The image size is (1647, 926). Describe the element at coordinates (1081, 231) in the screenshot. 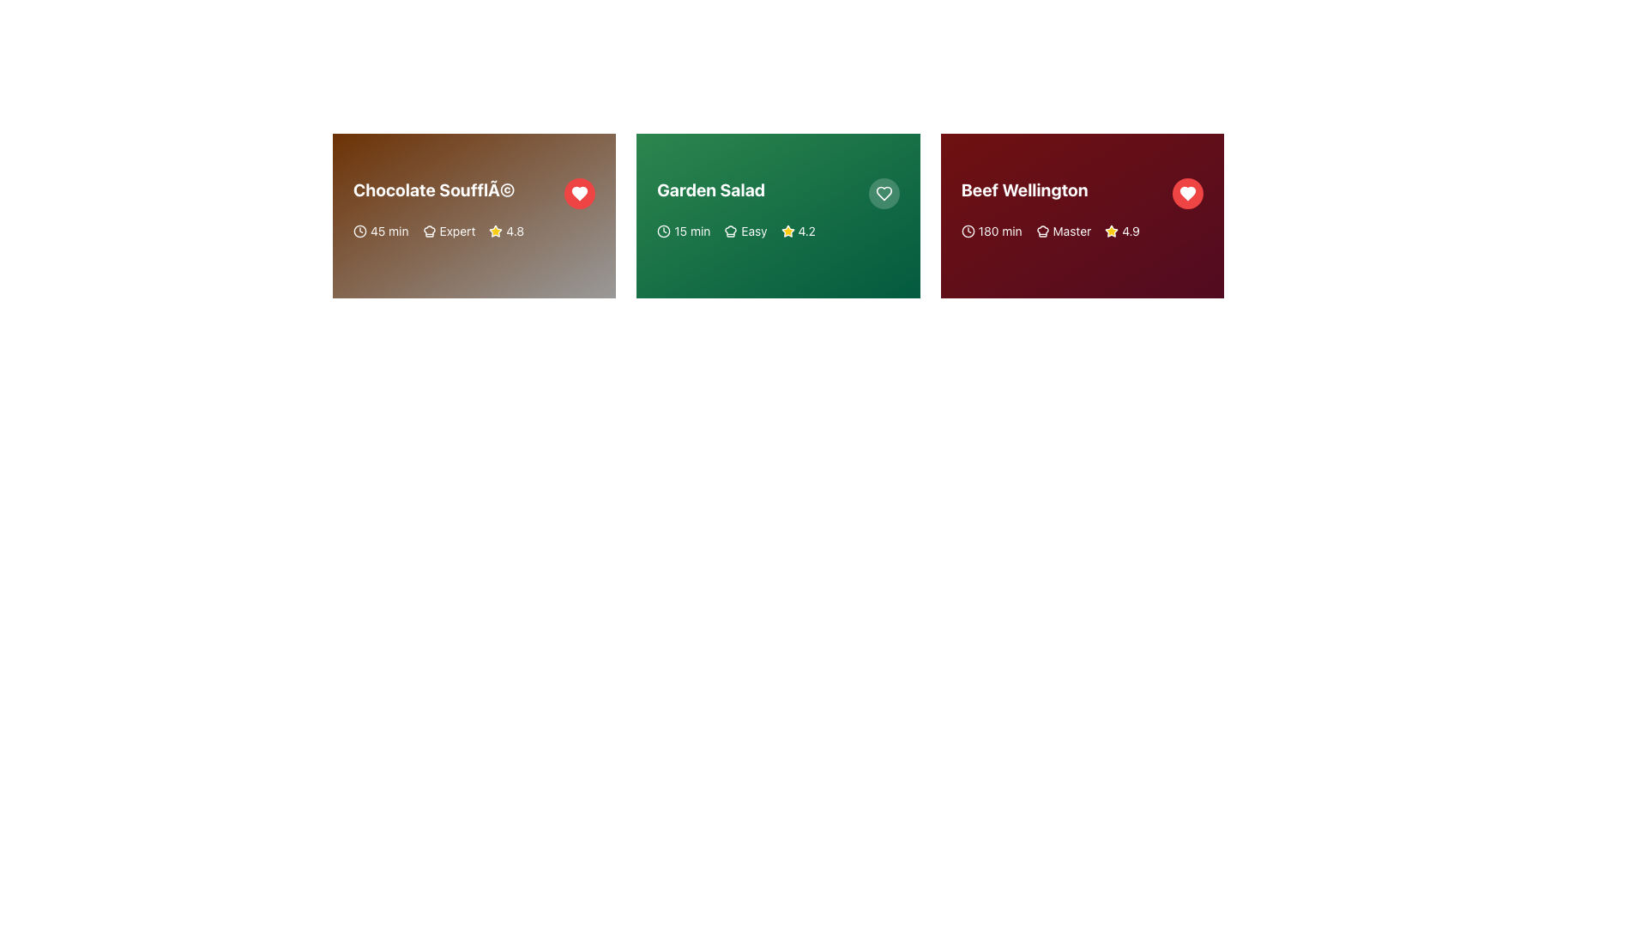

I see `the text '180 min Master 4.9' which is located below the title 'Beef Wellington' and is the third card on the right in a horizontally aligned list of cards` at that location.